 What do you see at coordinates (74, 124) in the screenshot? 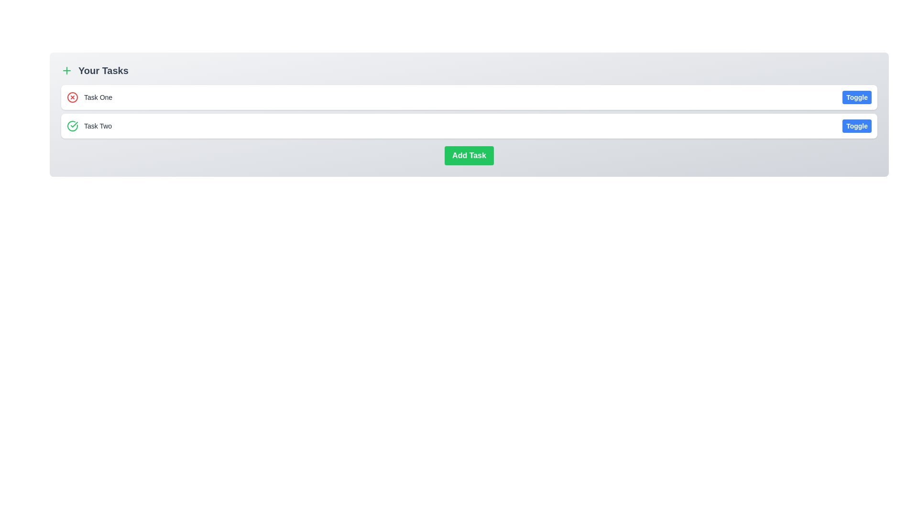
I see `the green checkmark icon, which is a vector graphic with a curved check line` at bounding box center [74, 124].